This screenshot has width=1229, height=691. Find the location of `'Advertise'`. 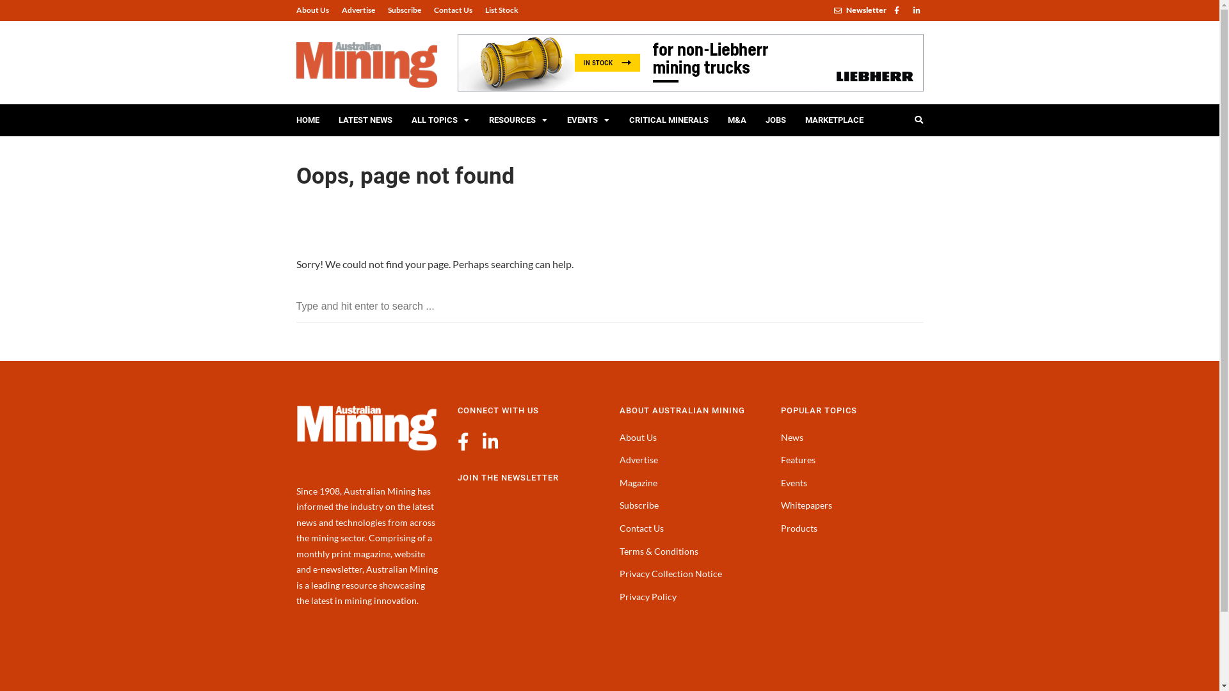

'Advertise' is located at coordinates (335, 10).